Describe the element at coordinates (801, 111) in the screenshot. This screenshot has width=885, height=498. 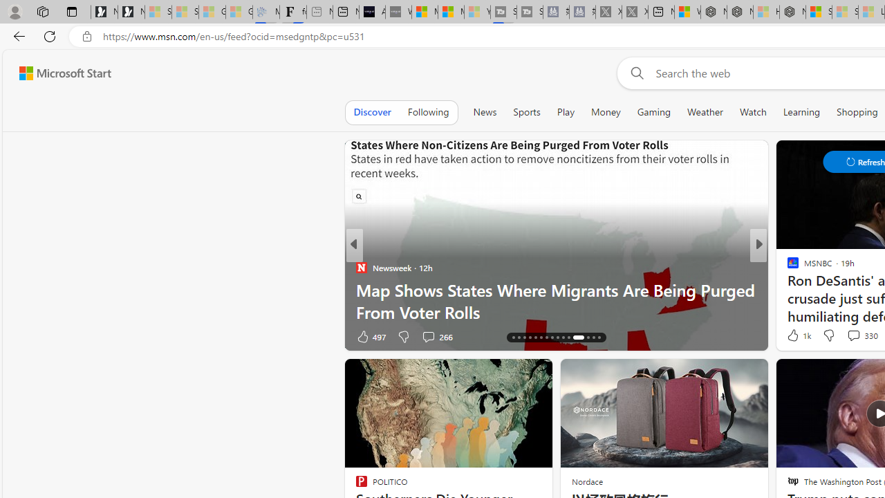
I see `'Learning'` at that location.